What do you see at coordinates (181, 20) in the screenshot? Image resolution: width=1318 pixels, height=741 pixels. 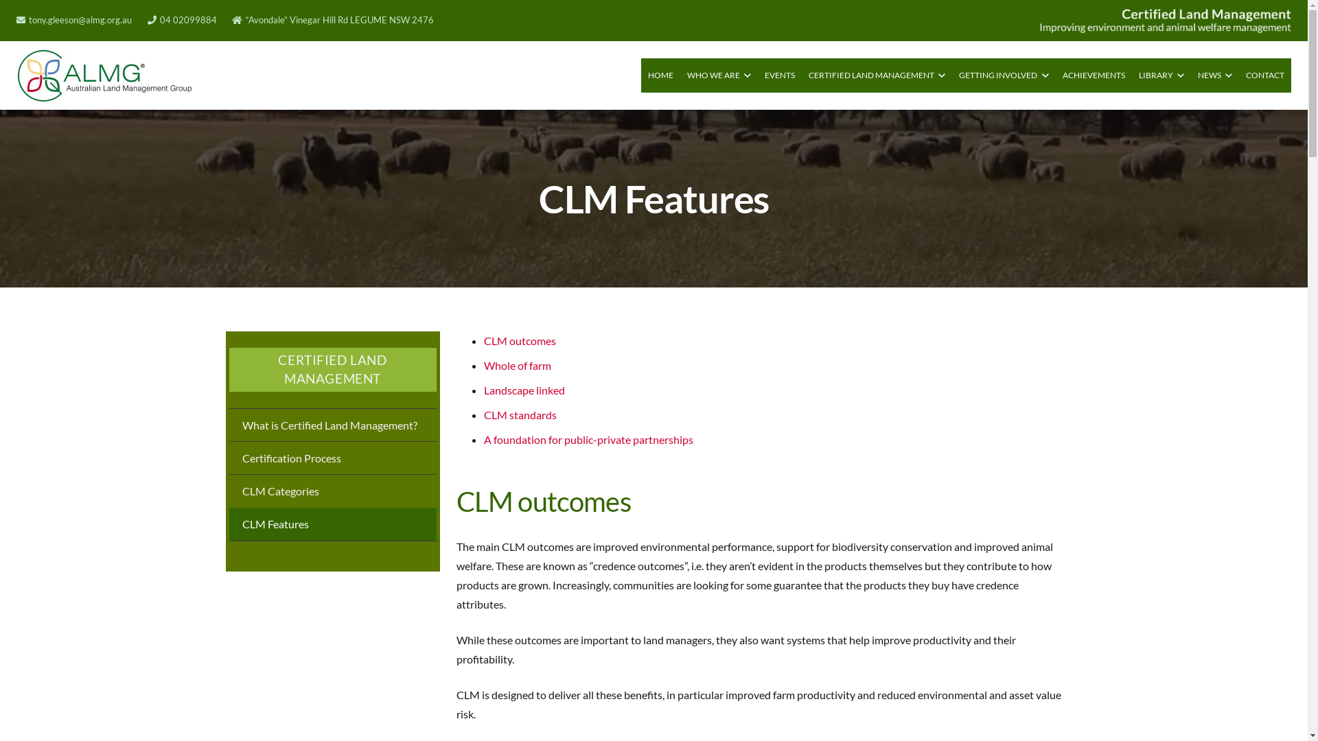 I see `'04 02099884'` at bounding box center [181, 20].